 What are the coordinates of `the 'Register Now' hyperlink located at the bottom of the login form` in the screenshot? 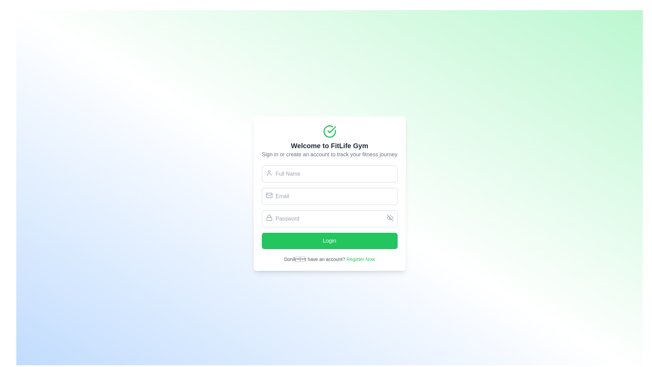 It's located at (360, 259).